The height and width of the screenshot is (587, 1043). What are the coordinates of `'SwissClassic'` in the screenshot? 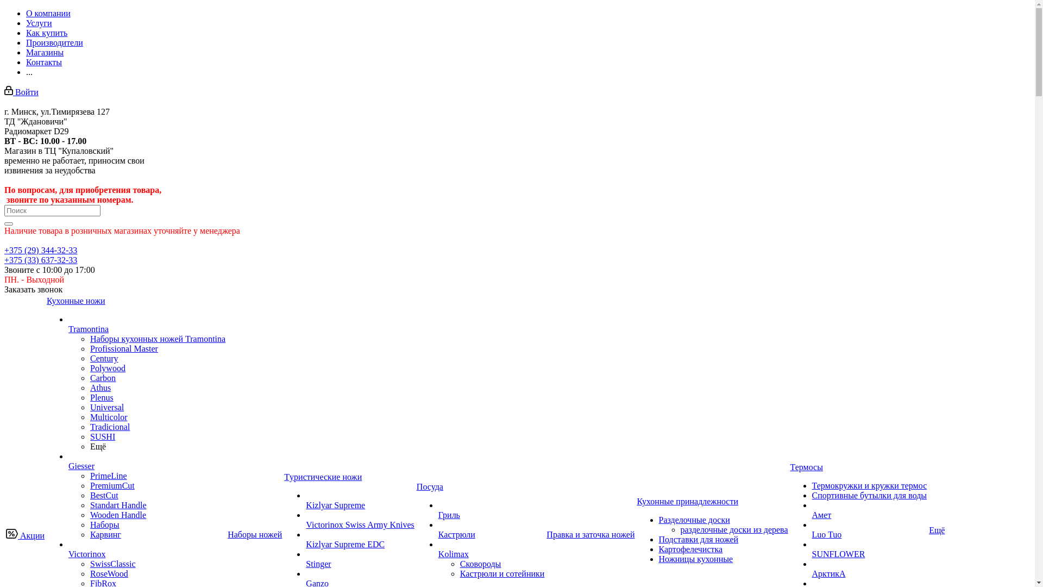 It's located at (90, 563).